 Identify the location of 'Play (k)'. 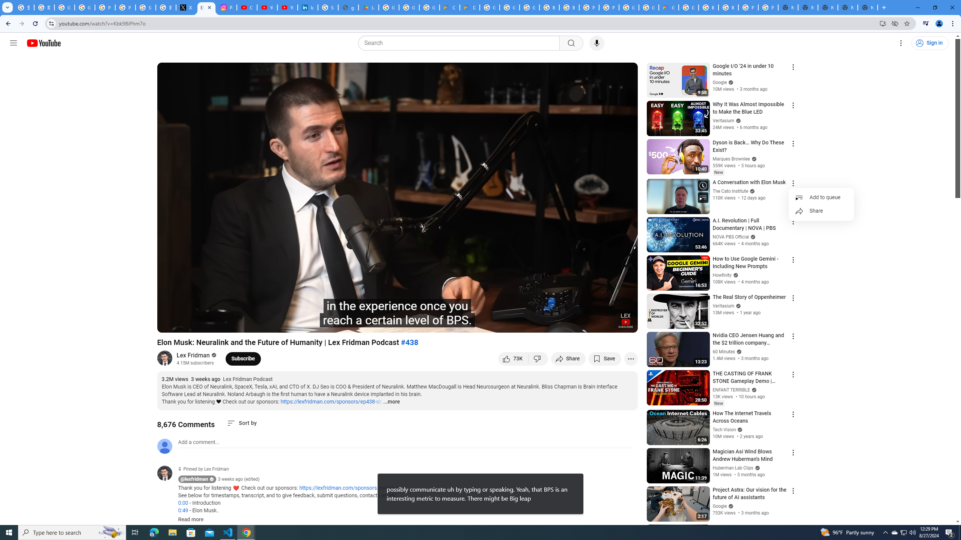
(170, 323).